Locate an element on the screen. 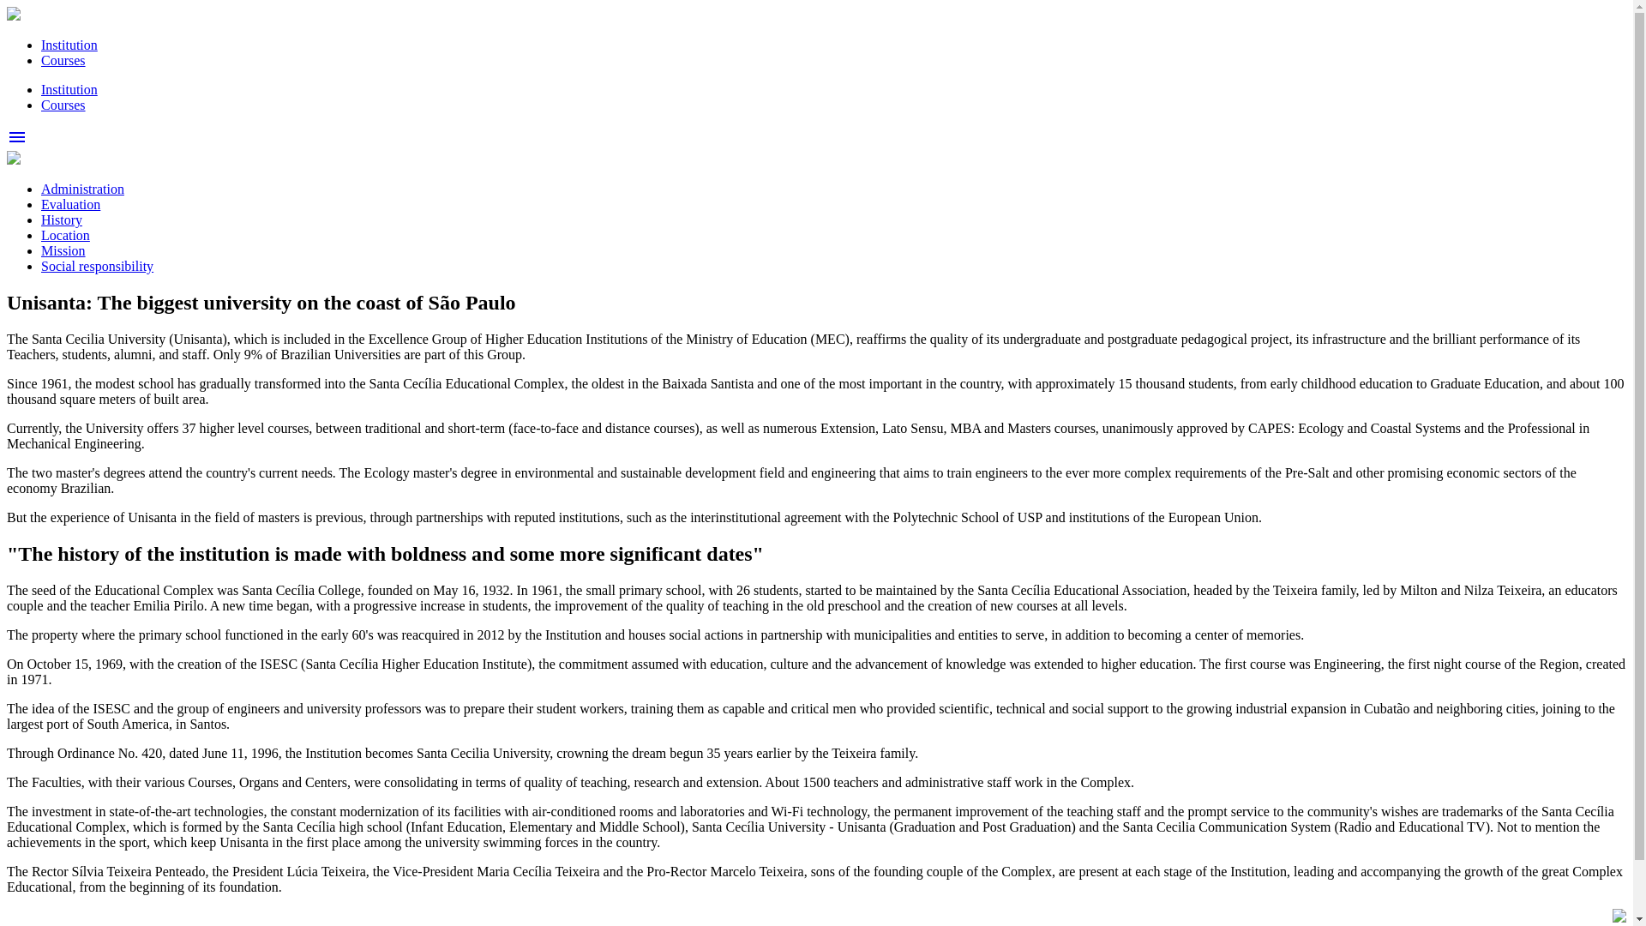 This screenshot has width=1646, height=926. 'Institution' is located at coordinates (69, 89).